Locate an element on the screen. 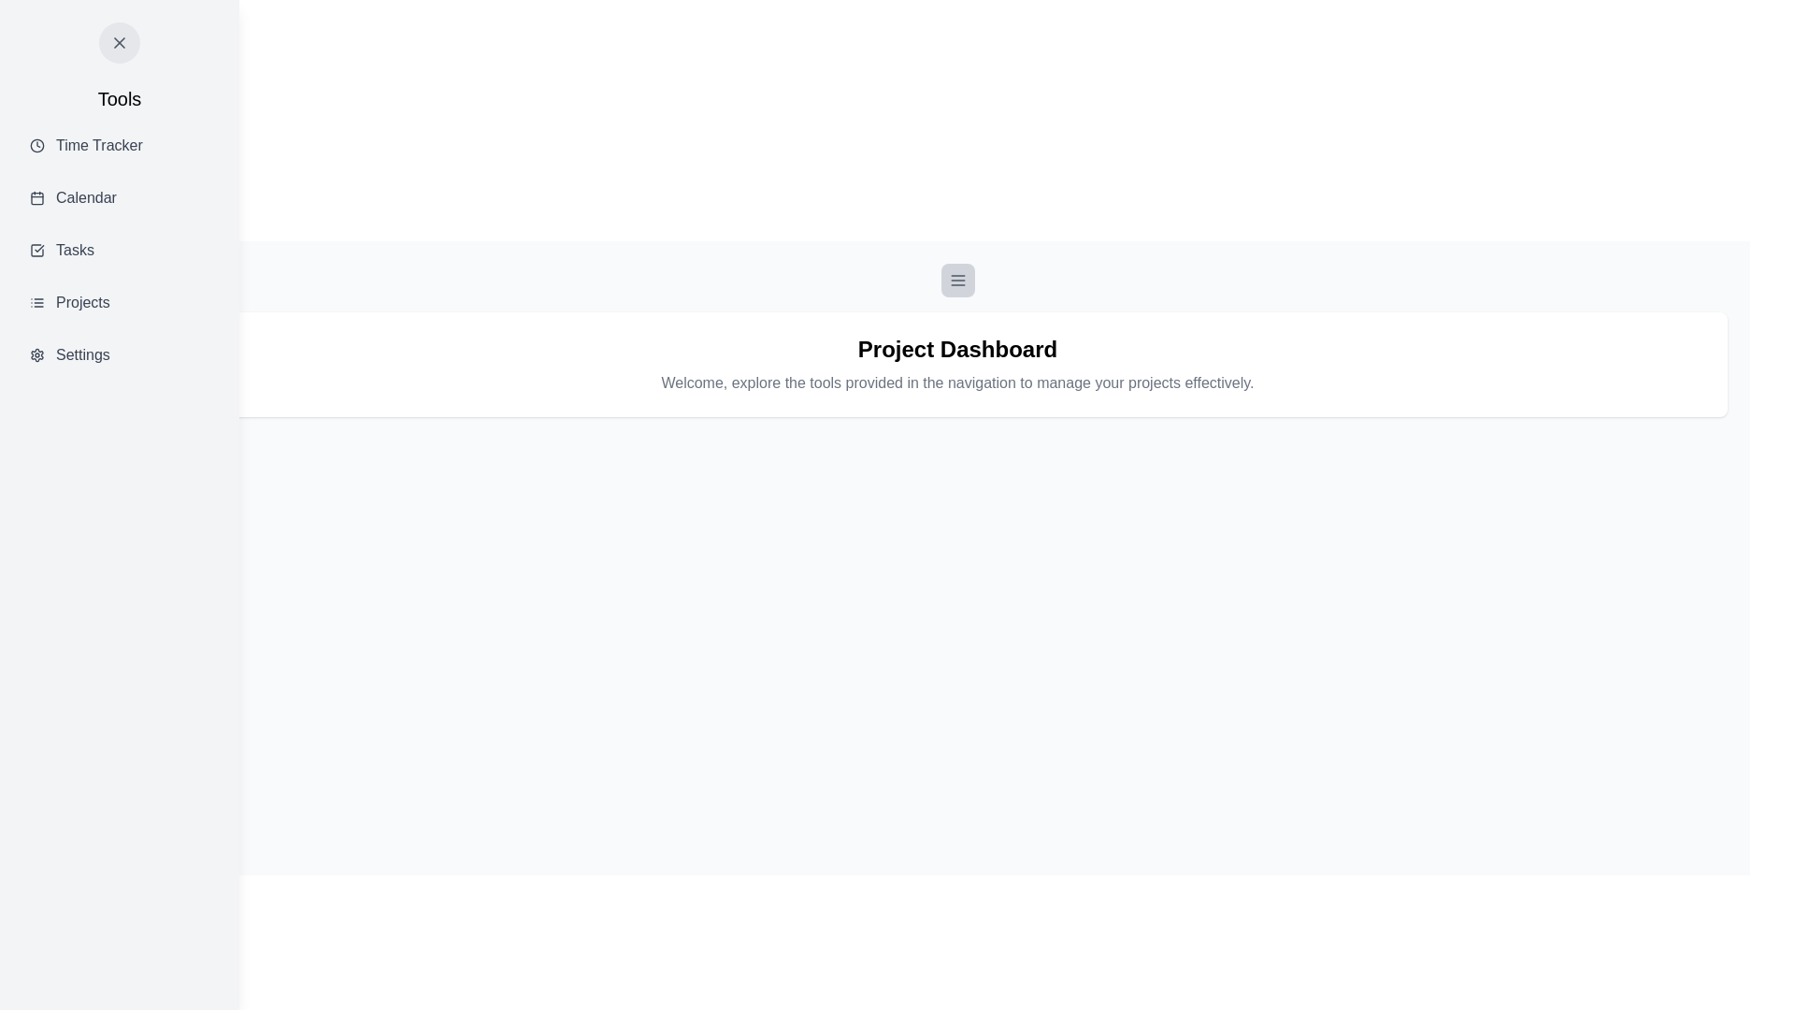  the gear icon next to the 'Settings' text is located at coordinates (36, 355).